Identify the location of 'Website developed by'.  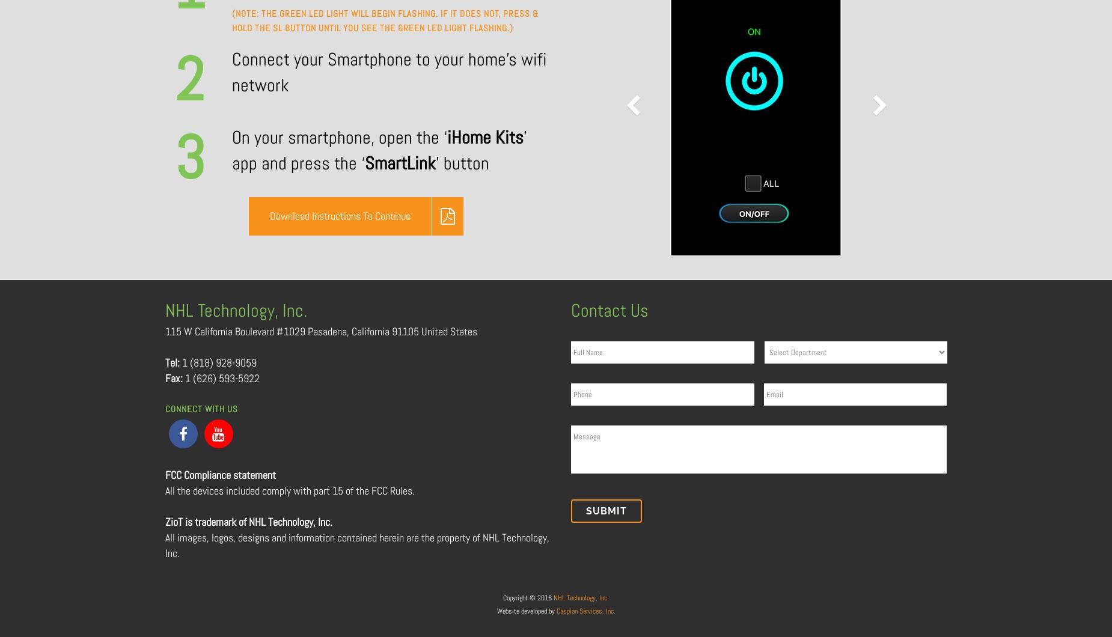
(496, 610).